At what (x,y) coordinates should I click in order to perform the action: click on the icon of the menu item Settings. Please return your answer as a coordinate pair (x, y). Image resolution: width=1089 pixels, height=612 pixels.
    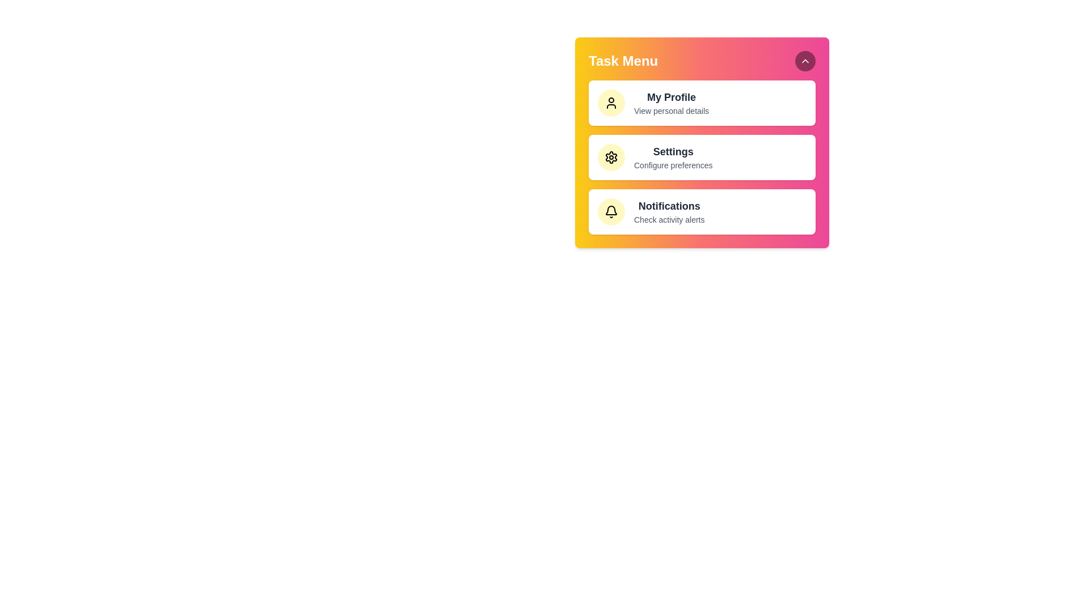
    Looking at the image, I should click on (611, 157).